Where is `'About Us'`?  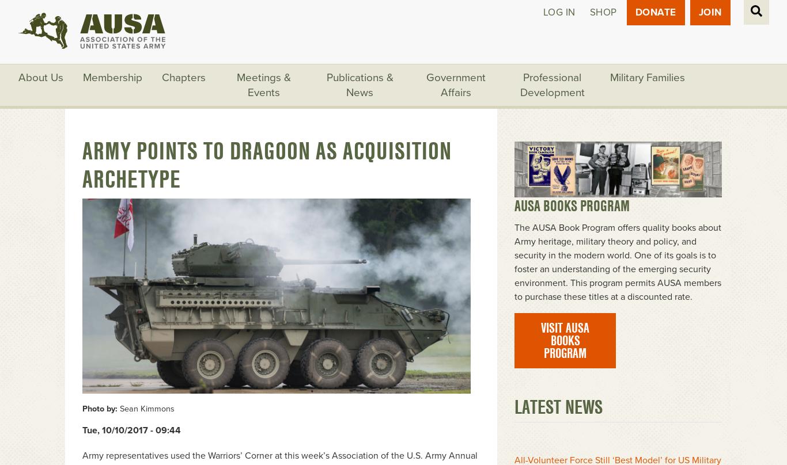 'About Us' is located at coordinates (41, 76).